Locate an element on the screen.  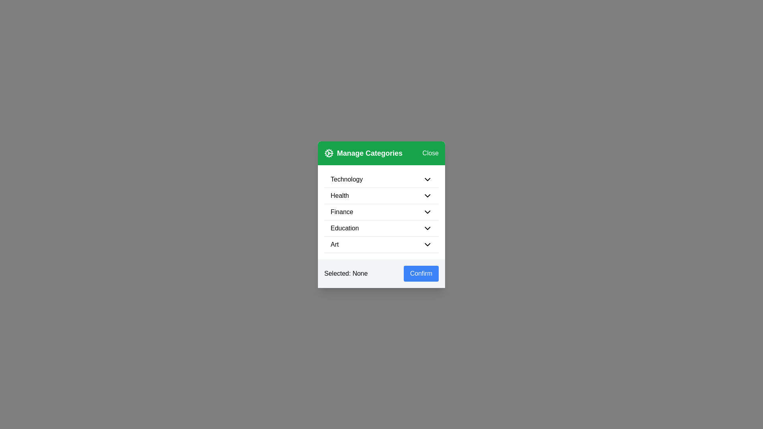
the row corresponding to the category Technology is located at coordinates (381, 179).